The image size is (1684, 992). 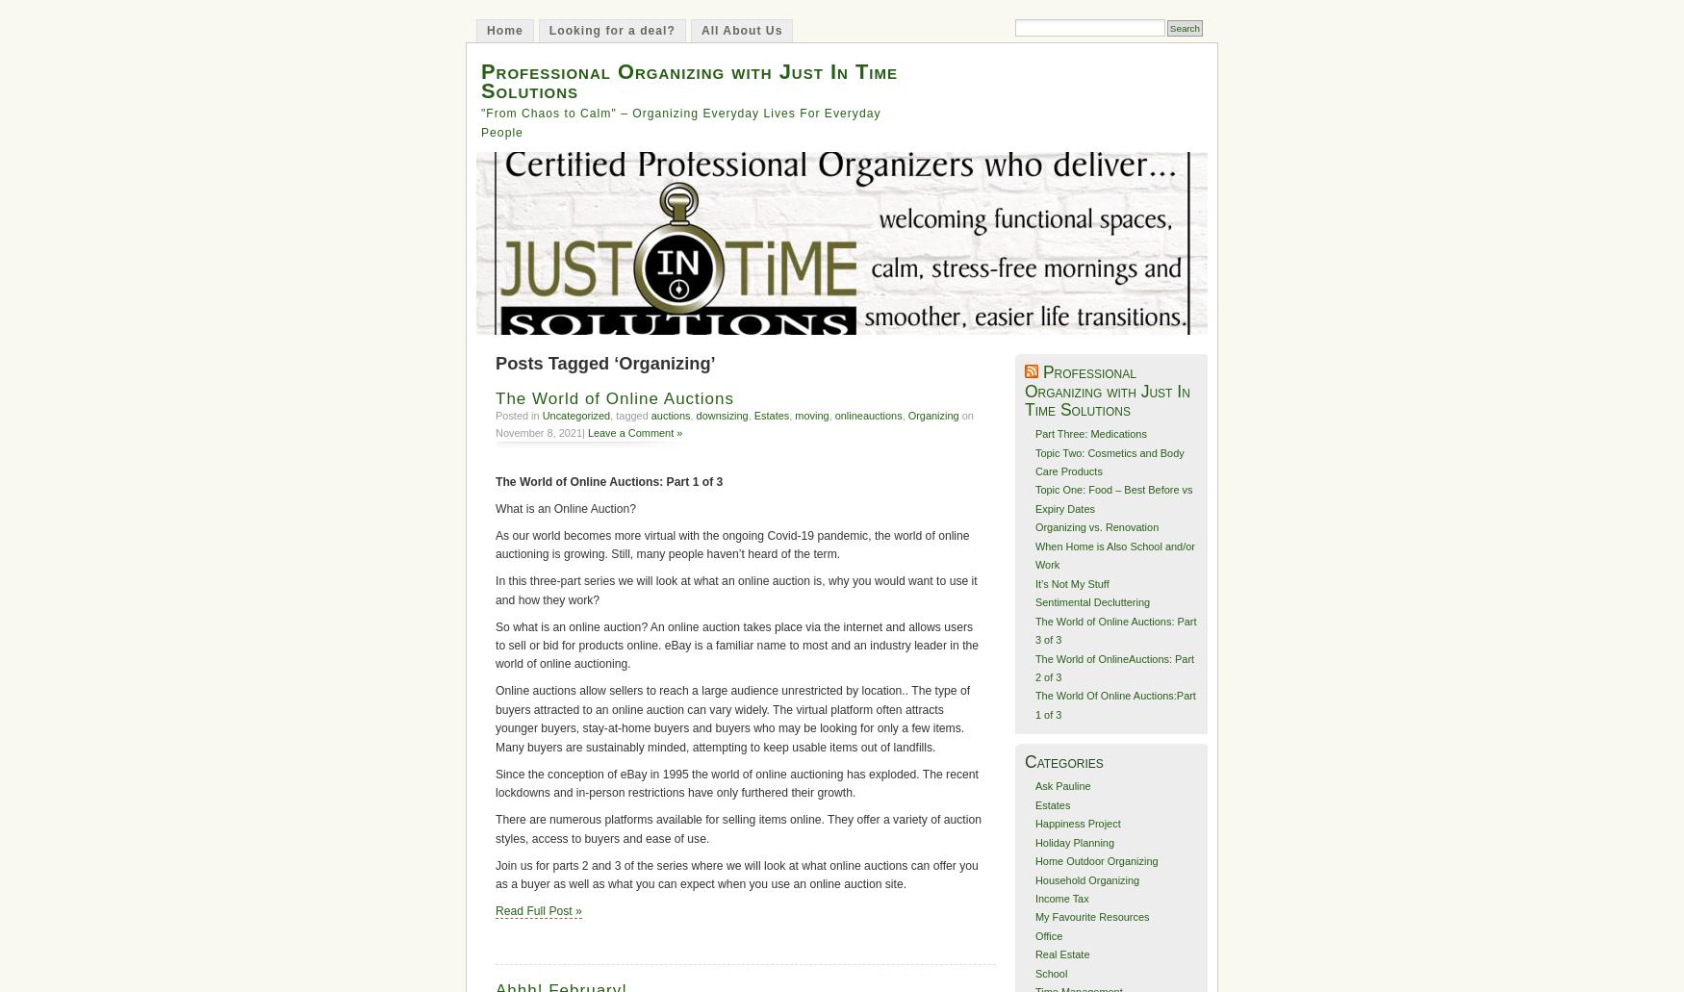 I want to click on 'Online auctions allow sellers to reach a large audience unrestricted by location.. The type of buyers attracted to an online auction can vary widely. The virtual platform often attracts younger buyers, stay-at-home buyers and buyers who may be looking for only a few items. Many buyers are sustainably minded, attempting to keep usable items out of landfills.', so click(x=495, y=717).